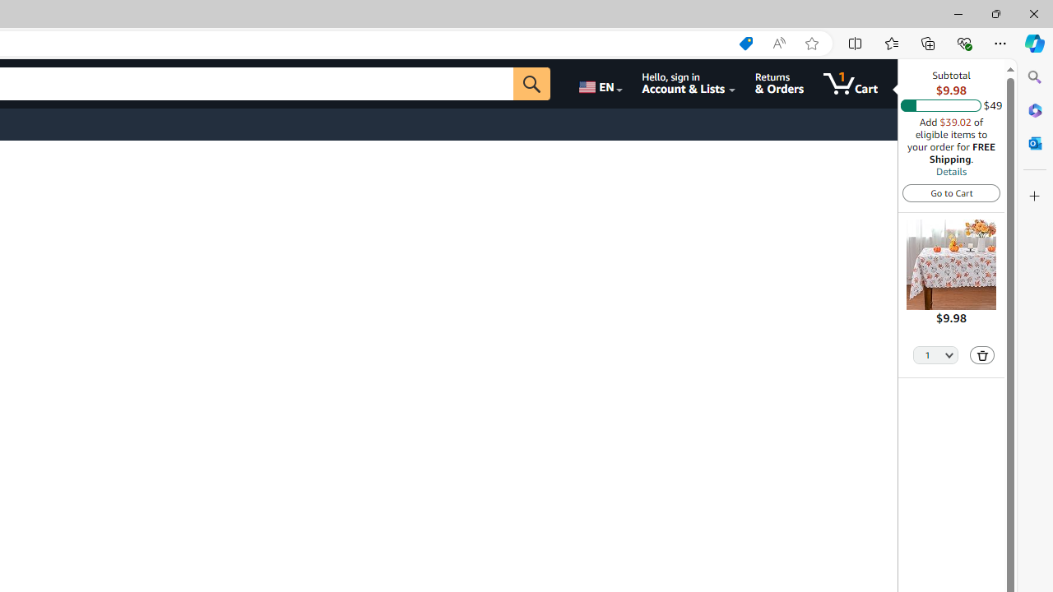 The image size is (1053, 592). What do you see at coordinates (963, 42) in the screenshot?
I see `'Browser essentials'` at bounding box center [963, 42].